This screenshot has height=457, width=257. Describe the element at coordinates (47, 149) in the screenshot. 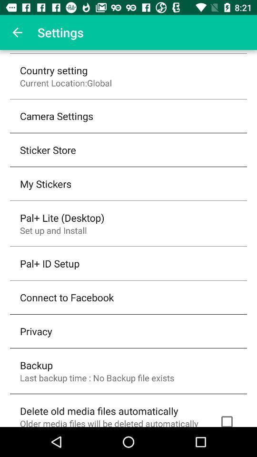

I see `icon above the my stickers item` at that location.